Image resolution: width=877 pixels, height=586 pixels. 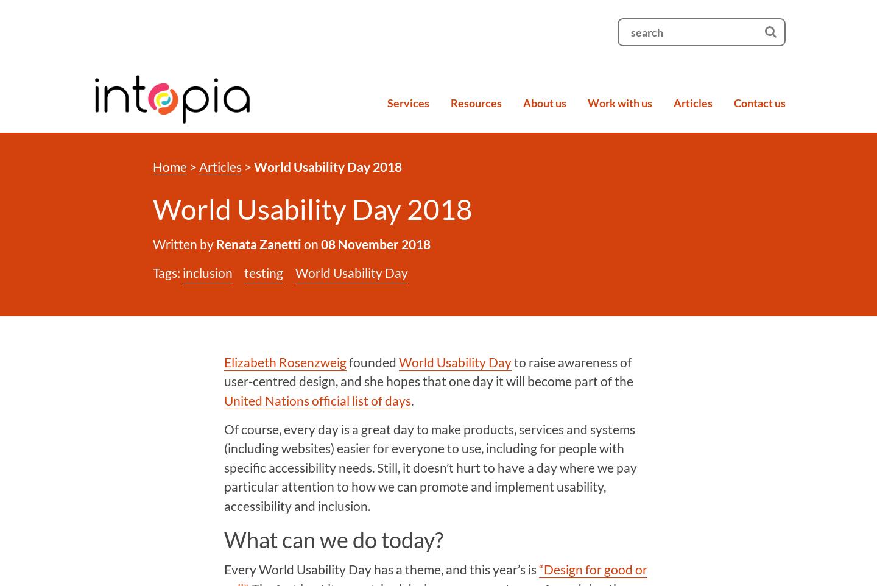 I want to click on 'founded', so click(x=371, y=361).